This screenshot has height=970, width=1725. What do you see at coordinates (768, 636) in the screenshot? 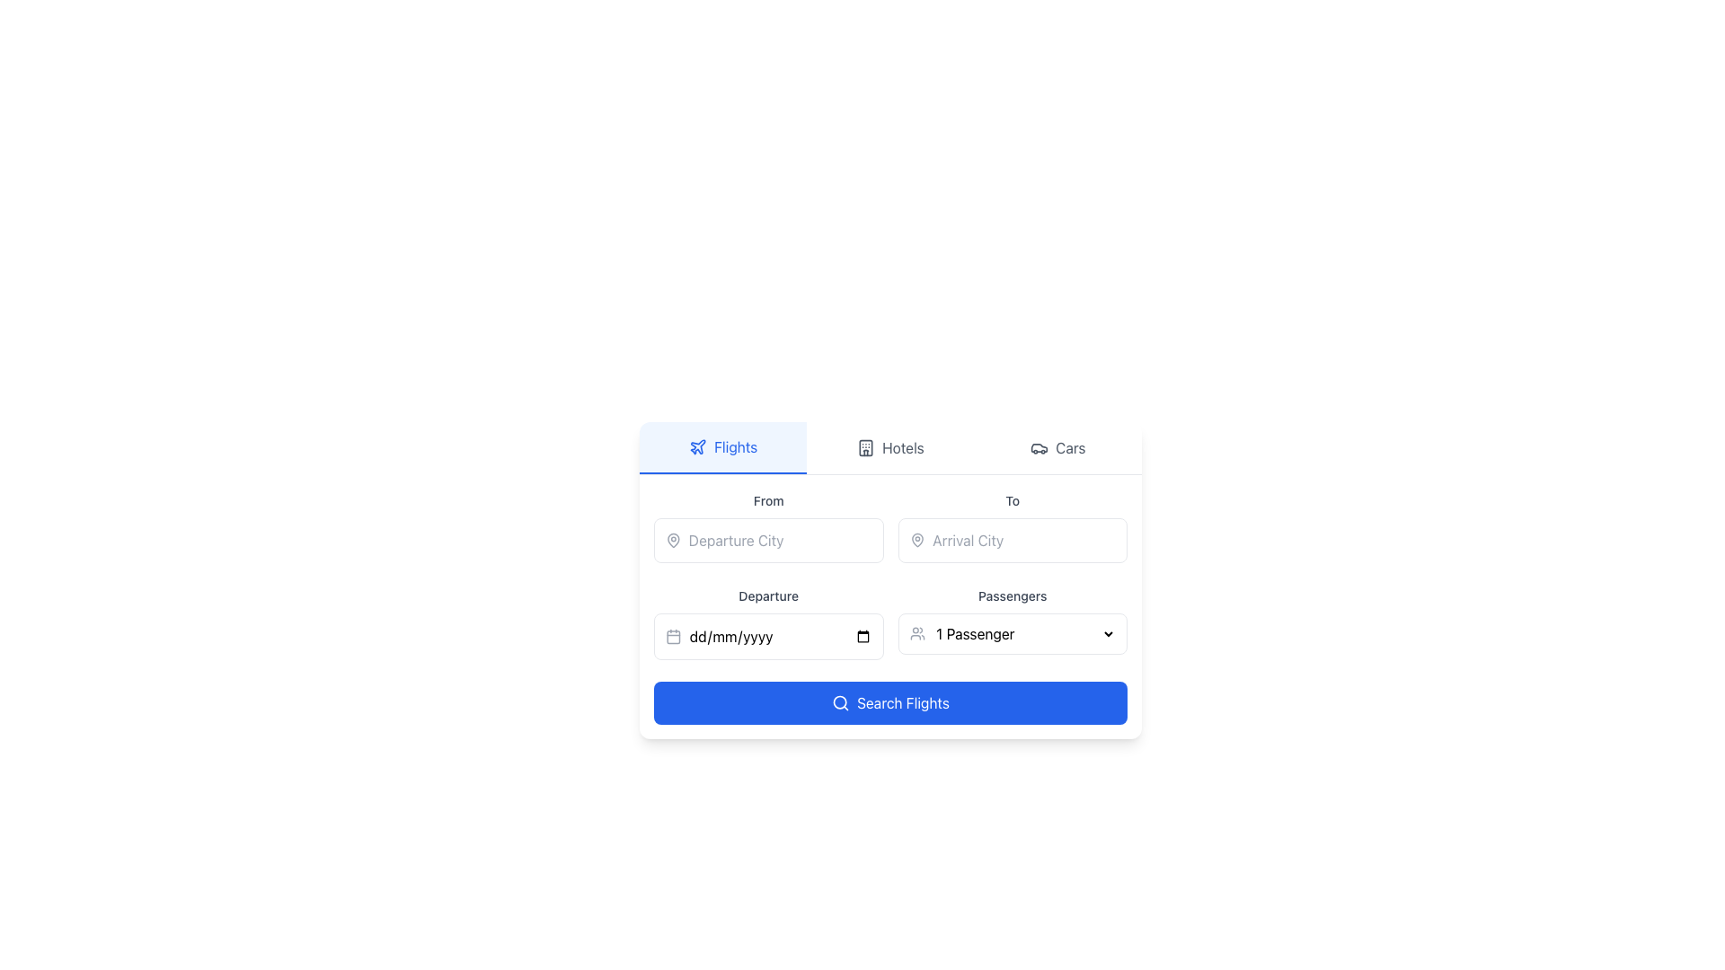
I see `the Date Input Field located in the 'Departure' section below the label 'Departure' to focus on it for date selection` at bounding box center [768, 636].